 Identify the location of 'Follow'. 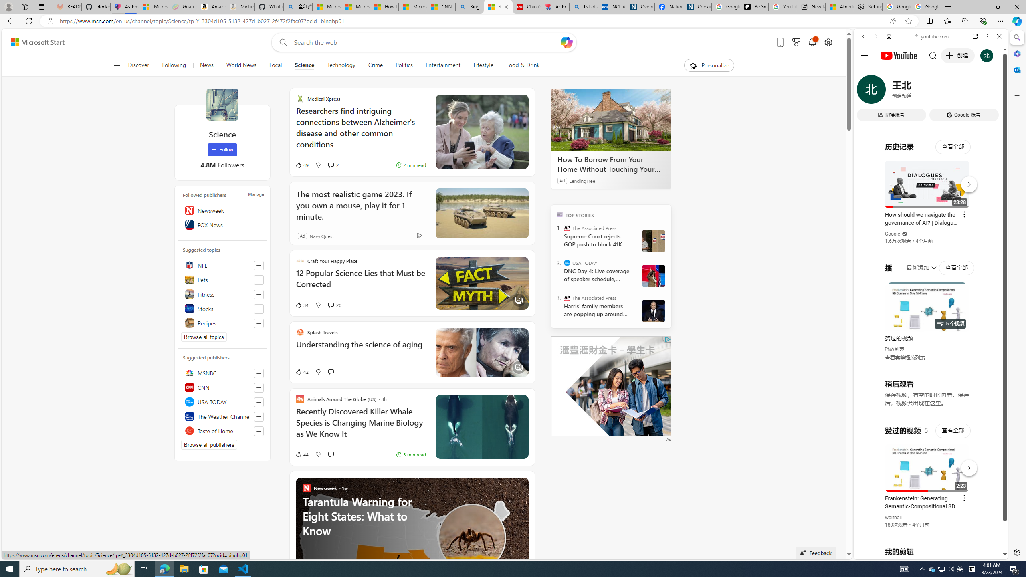
(222, 150).